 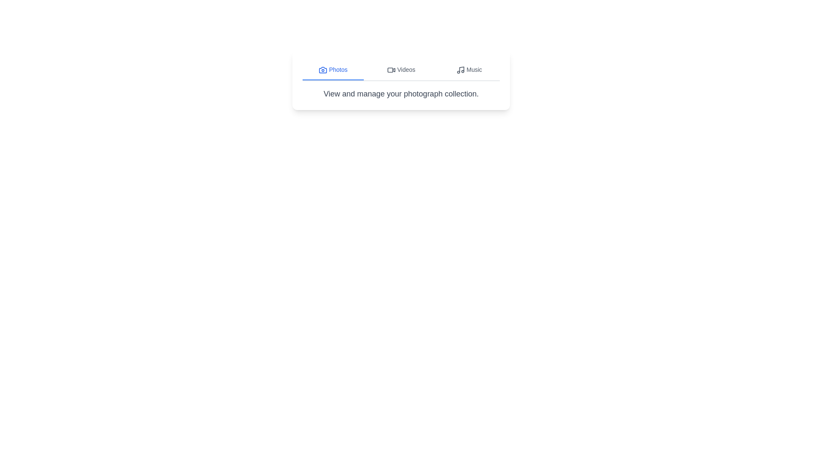 What do you see at coordinates (332, 70) in the screenshot?
I see `the Photos tab by clicking on the respective tab button` at bounding box center [332, 70].